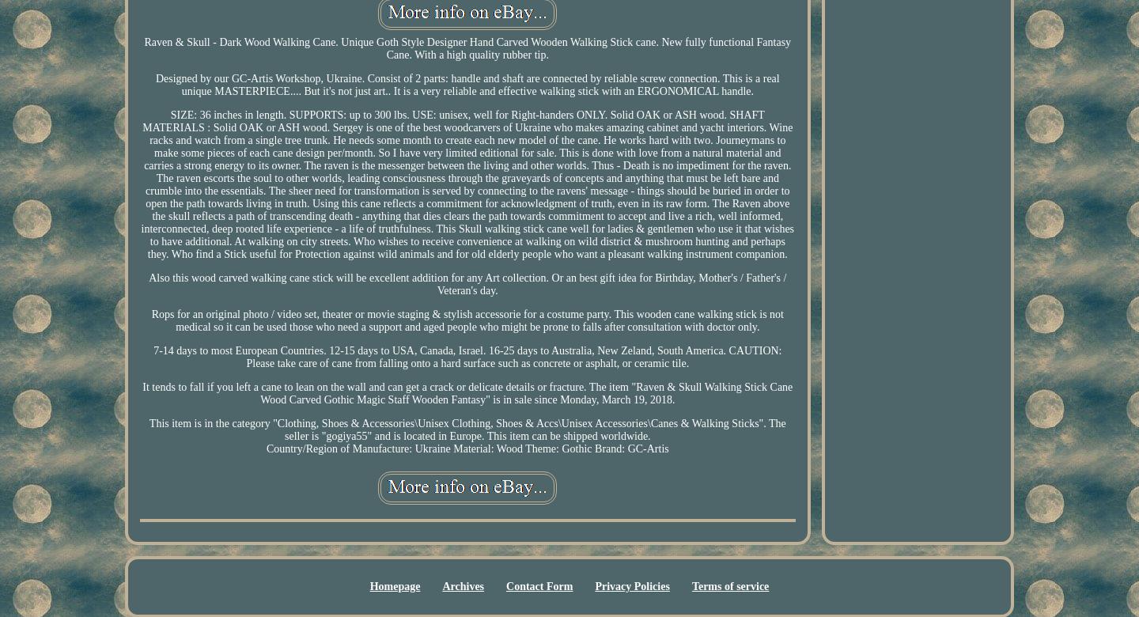 Image resolution: width=1139 pixels, height=617 pixels. I want to click on '7-14 days to most European Countries. 12-15 days to USA, Canada, Israel. 16-25 days to Australia, New Zeland, South America. CAUTION: Please take care of cane from falling onto a hard surface such as concrete or asphalt, or ceramic tile.', so click(467, 357).